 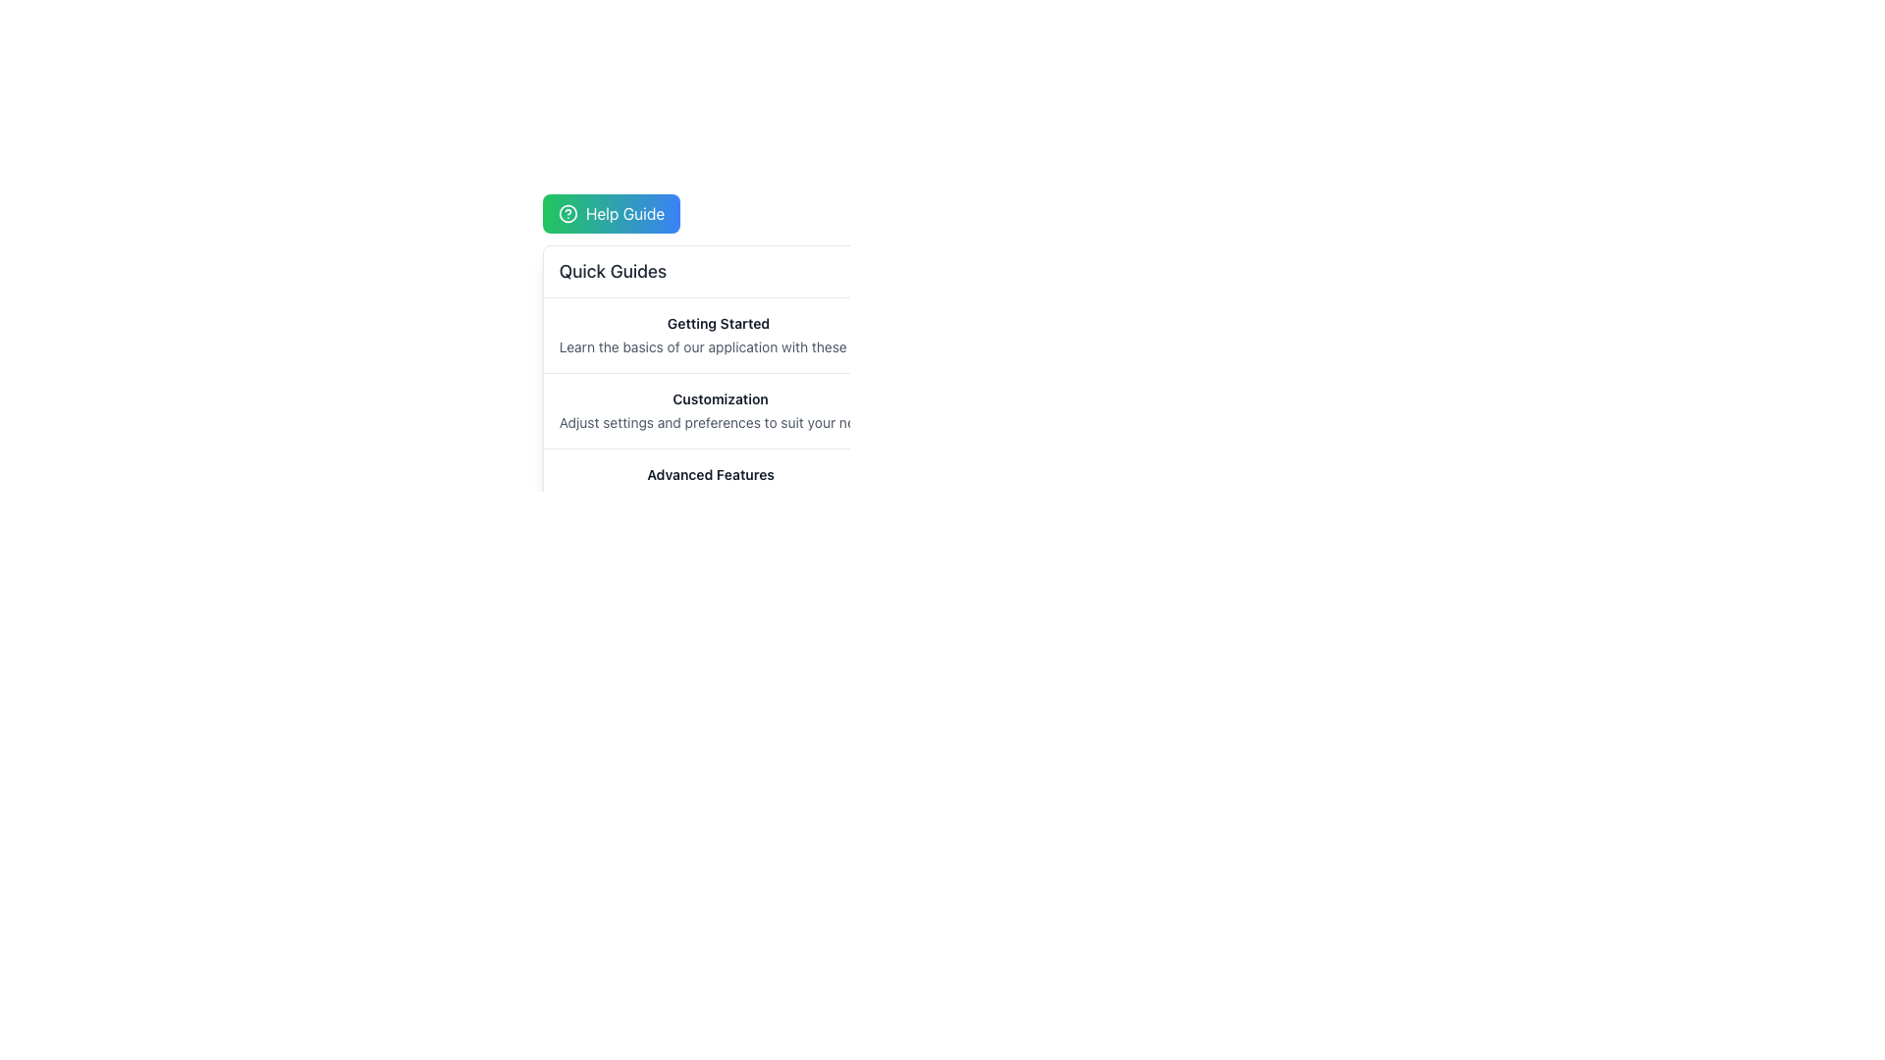 What do you see at coordinates (718, 335) in the screenshot?
I see `text displayed in the introduction of the 'Getting Started' guide, which is the first quick guide item positioned centrally between the title 'Quick Guides' above and 'Customization' below` at bounding box center [718, 335].